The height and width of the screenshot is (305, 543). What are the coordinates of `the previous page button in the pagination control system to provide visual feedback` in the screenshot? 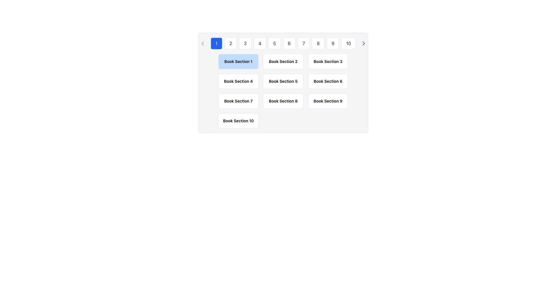 It's located at (202, 43).